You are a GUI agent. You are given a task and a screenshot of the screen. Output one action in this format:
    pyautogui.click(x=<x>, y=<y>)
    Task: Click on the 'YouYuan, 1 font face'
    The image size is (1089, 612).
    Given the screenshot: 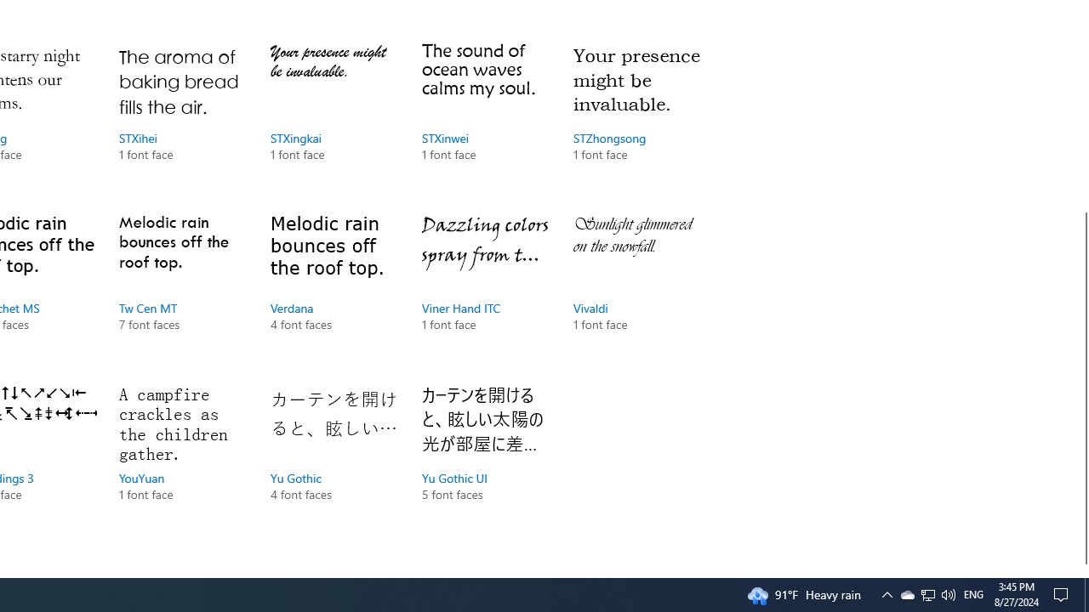 What is the action you would take?
    pyautogui.click(x=183, y=459)
    